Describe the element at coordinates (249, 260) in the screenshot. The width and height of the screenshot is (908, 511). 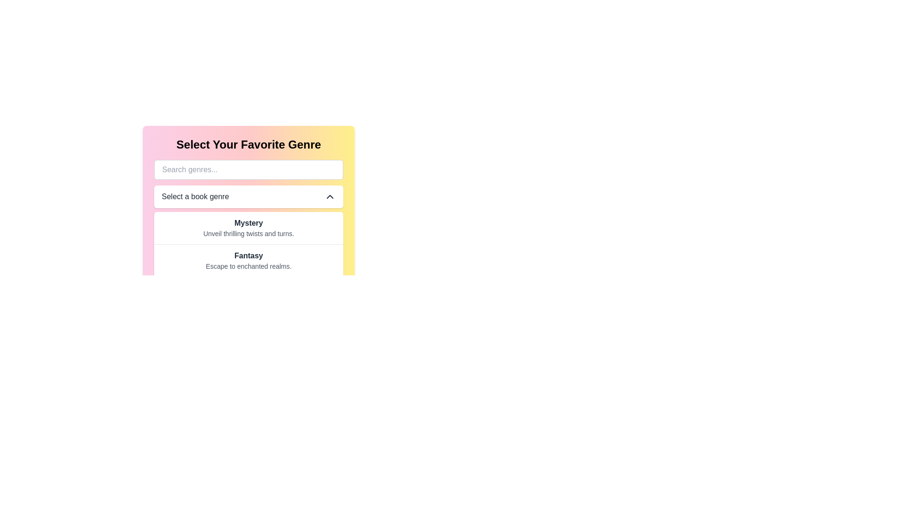
I see `the second clickable item in the menu, labeled 'Fantasy,' which is styled in bold and is positioned above 'Science Fiction' and below 'Mystery.'` at that location.